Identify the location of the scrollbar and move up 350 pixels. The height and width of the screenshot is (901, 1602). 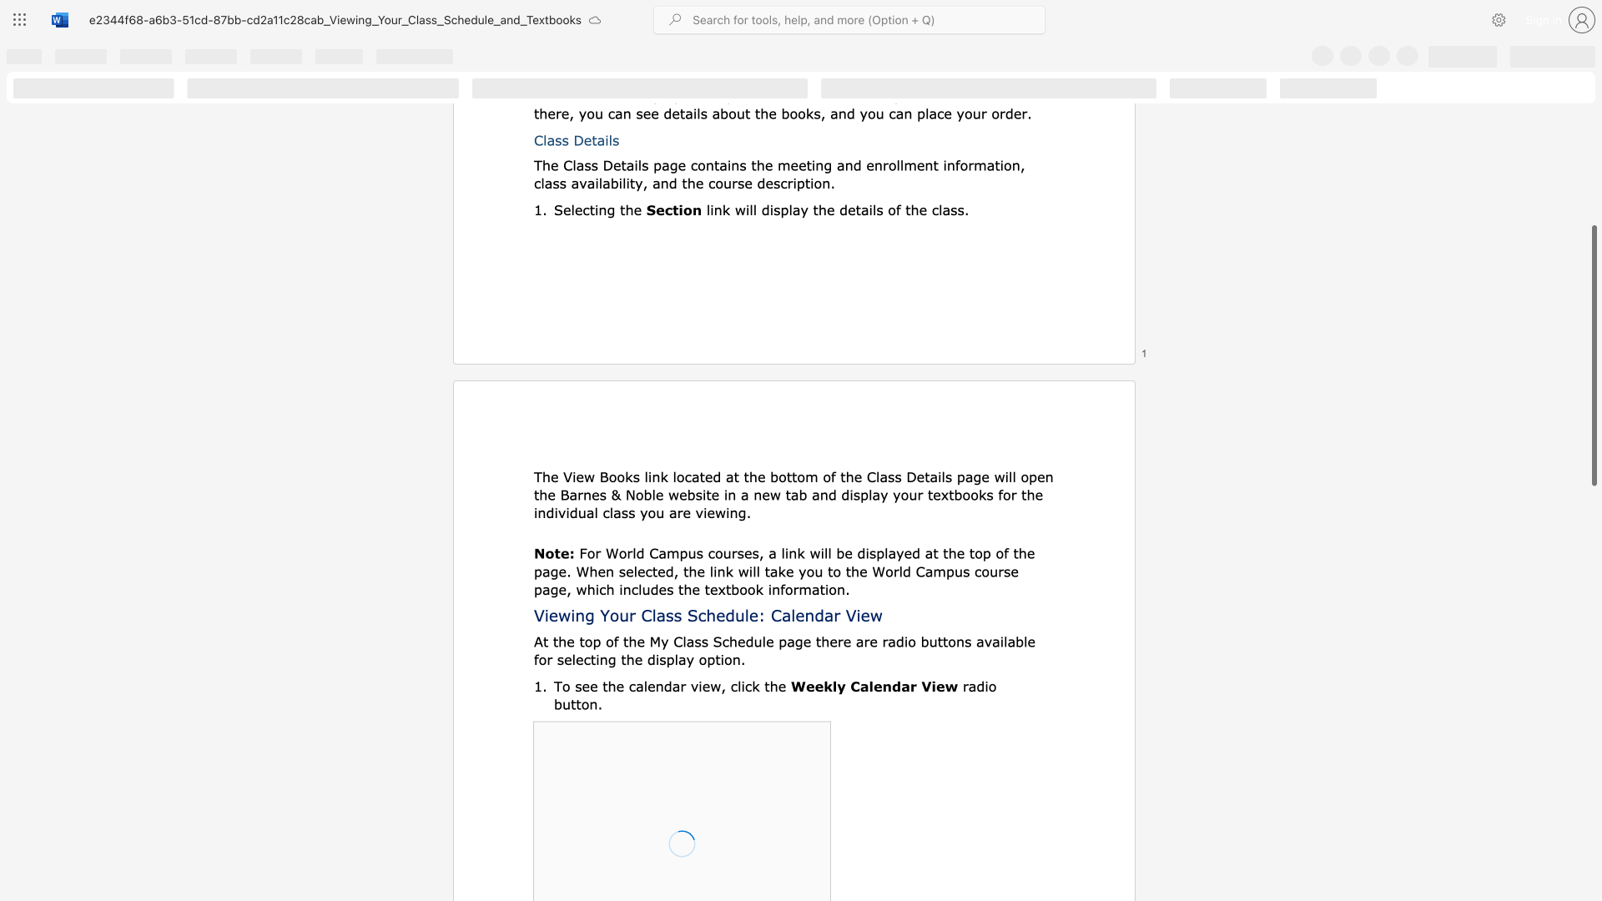
(1593, 355).